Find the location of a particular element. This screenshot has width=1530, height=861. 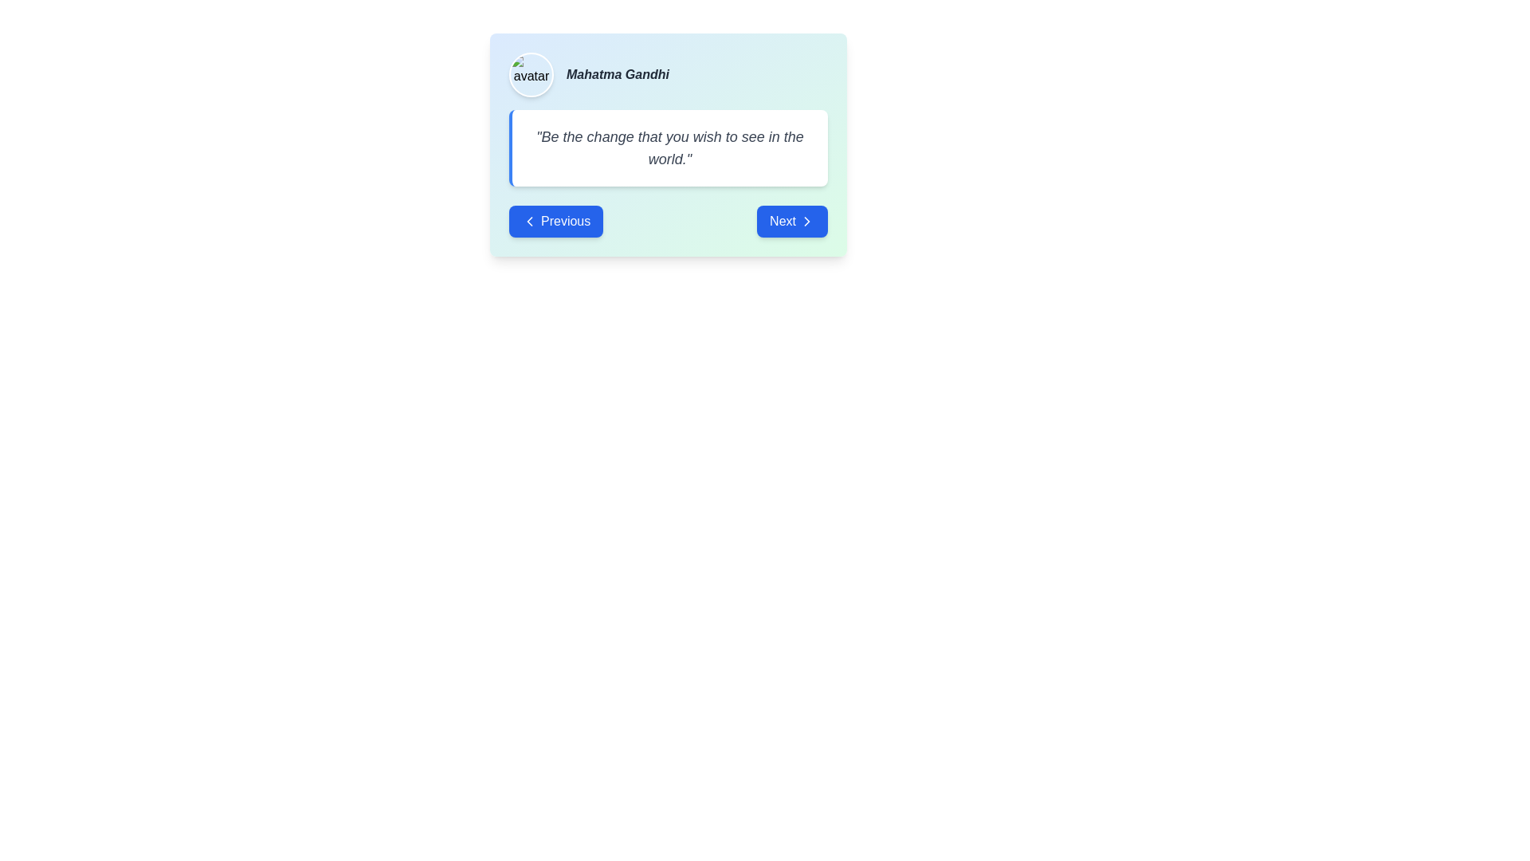

the avatar image component displaying the profile picture of Mahatma Gandhi to interact with its functionality is located at coordinates (532, 74).